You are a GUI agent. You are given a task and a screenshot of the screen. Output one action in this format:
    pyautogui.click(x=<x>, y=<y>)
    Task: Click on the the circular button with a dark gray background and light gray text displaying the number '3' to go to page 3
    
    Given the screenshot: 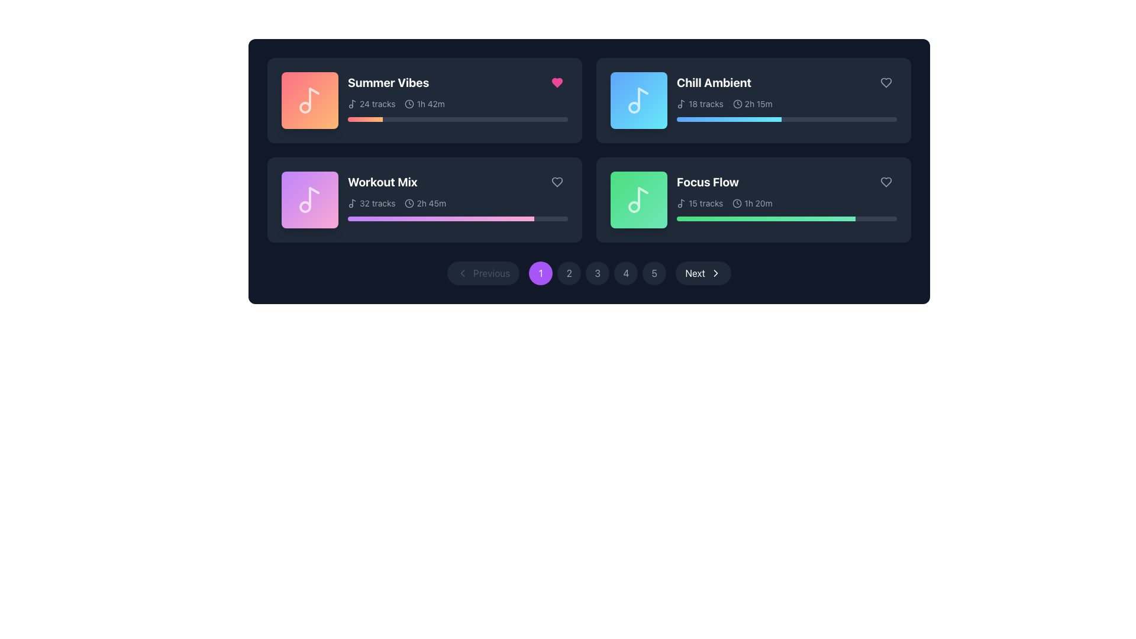 What is the action you would take?
    pyautogui.click(x=598, y=273)
    